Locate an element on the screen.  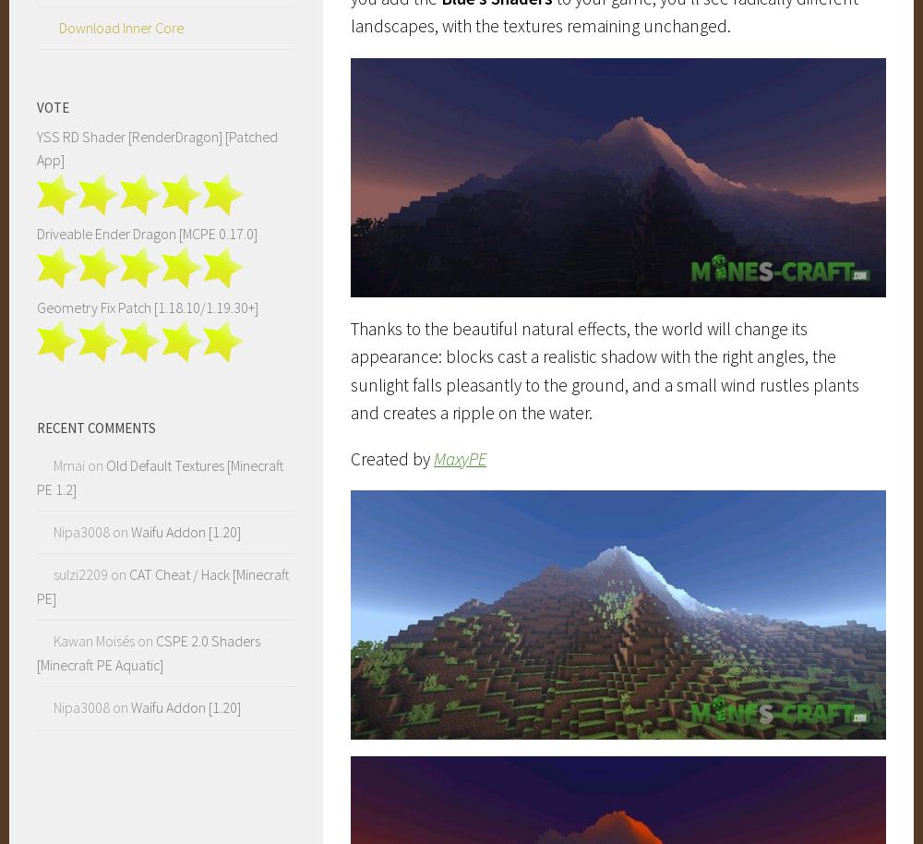
'Geometry Fix Patch [1.18.10/1.19.30+]' is located at coordinates (37, 305).